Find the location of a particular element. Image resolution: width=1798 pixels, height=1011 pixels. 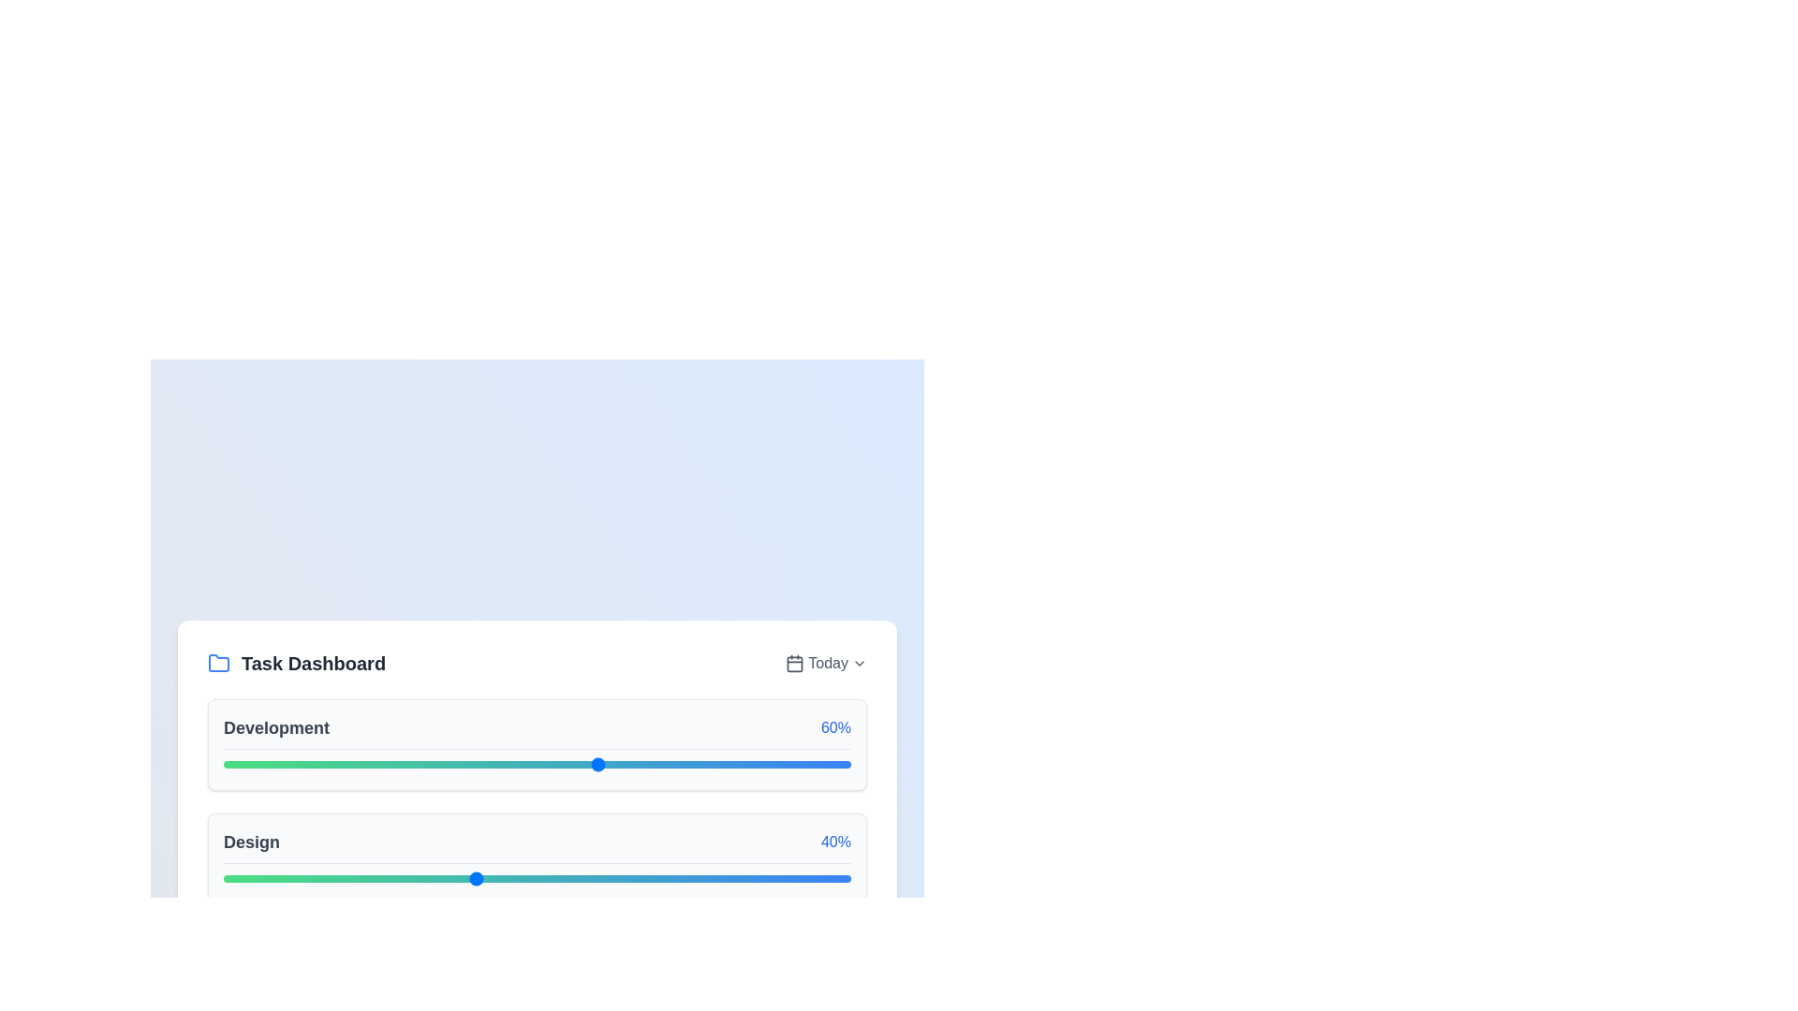

the slider value is located at coordinates (330, 991).